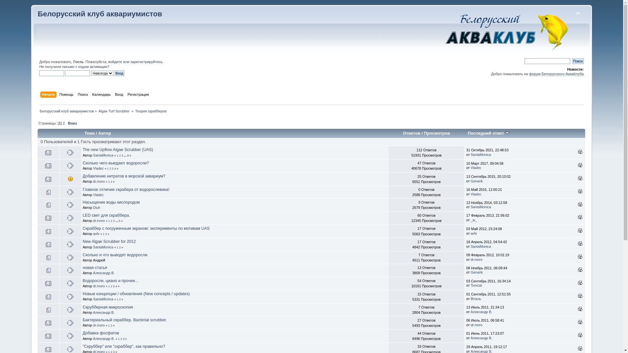 Image resolution: width=628 pixels, height=353 pixels. What do you see at coordinates (474, 220) in the screenshot?
I see `'_w_'` at bounding box center [474, 220].